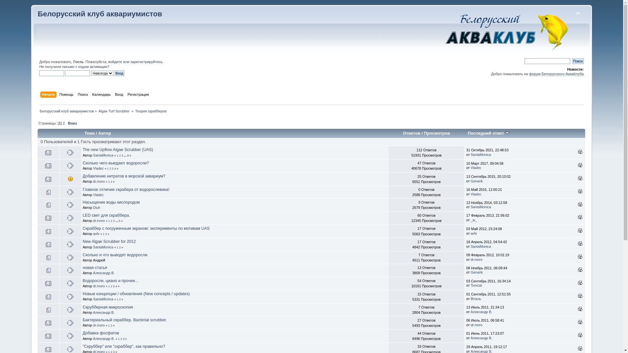 Image resolution: width=628 pixels, height=353 pixels. What do you see at coordinates (474, 220) in the screenshot?
I see `'_w_'` at bounding box center [474, 220].